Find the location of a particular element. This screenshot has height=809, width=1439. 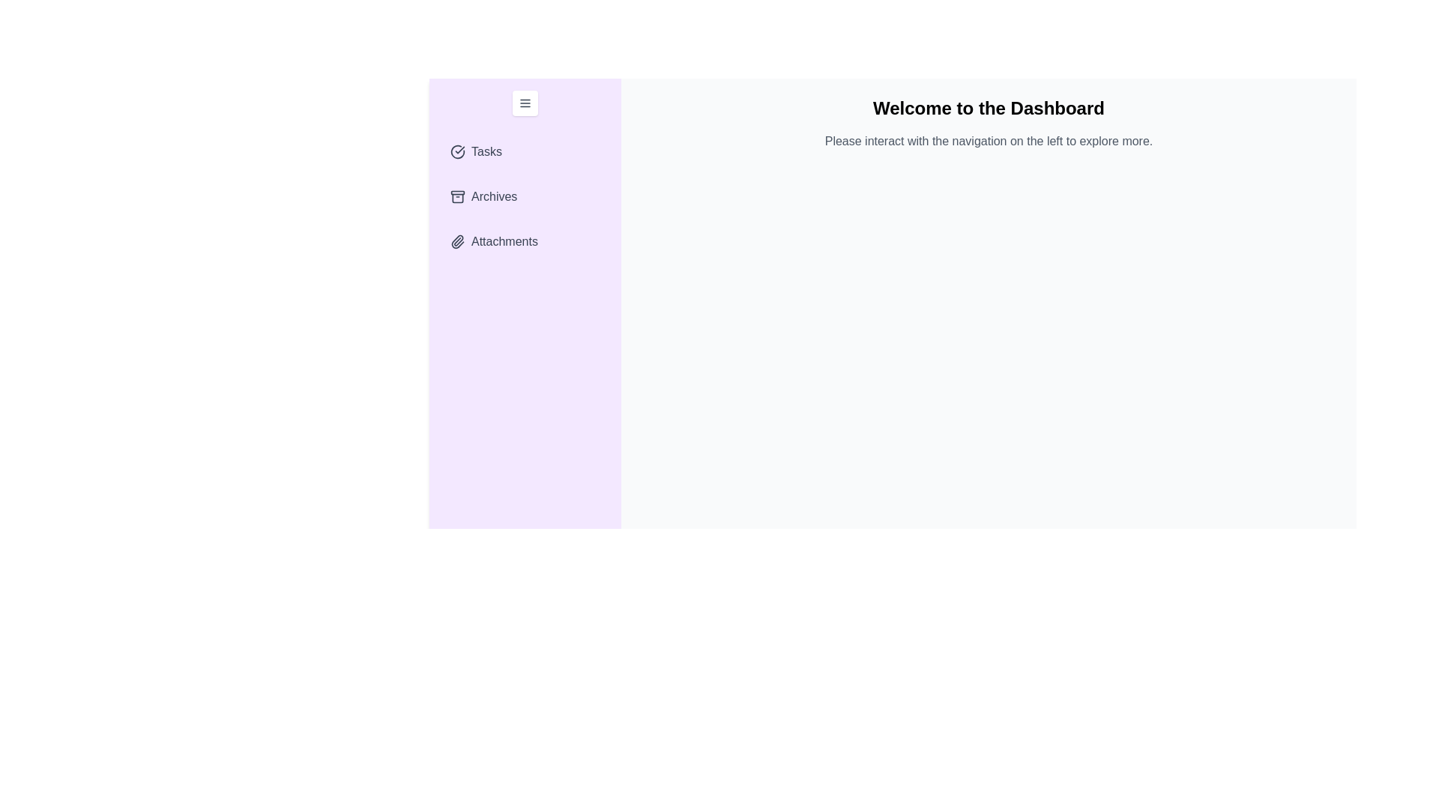

the section Tasks in the drawer to expand it is located at coordinates (525, 152).